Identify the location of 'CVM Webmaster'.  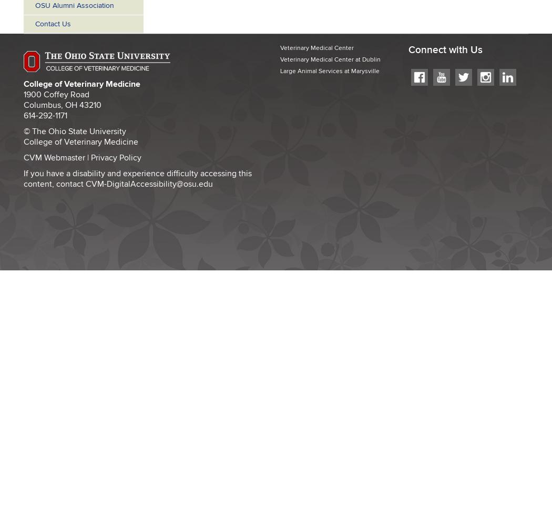
(54, 157).